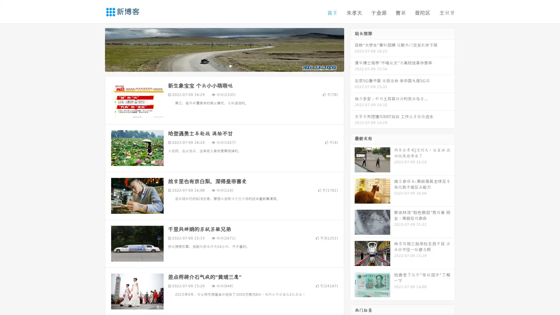 This screenshot has height=315, width=560. What do you see at coordinates (96, 49) in the screenshot?
I see `Previous slide` at bounding box center [96, 49].